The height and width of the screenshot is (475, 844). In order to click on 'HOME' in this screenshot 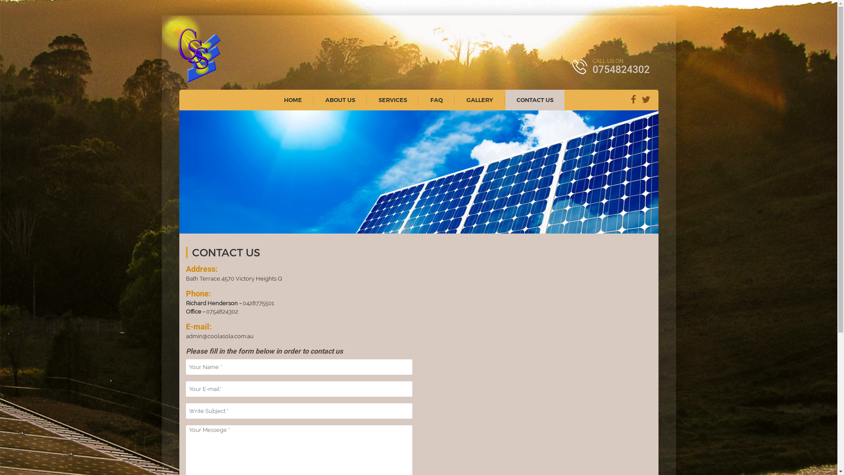, I will do `click(293, 99)`.